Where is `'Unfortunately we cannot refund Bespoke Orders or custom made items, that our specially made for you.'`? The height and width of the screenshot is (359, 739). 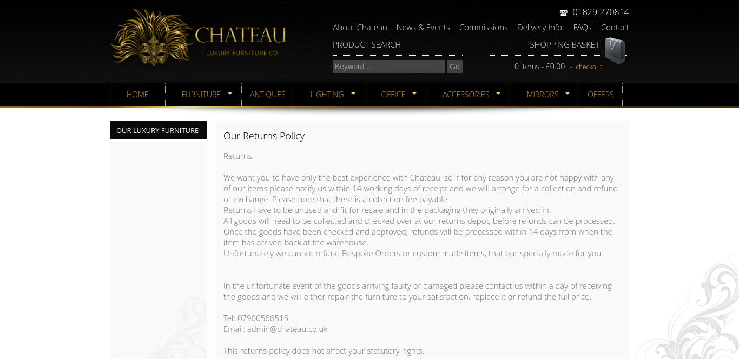
'Unfortunately we cannot refund Bespoke Orders or custom made items, that our specially made for you.' is located at coordinates (413, 252).